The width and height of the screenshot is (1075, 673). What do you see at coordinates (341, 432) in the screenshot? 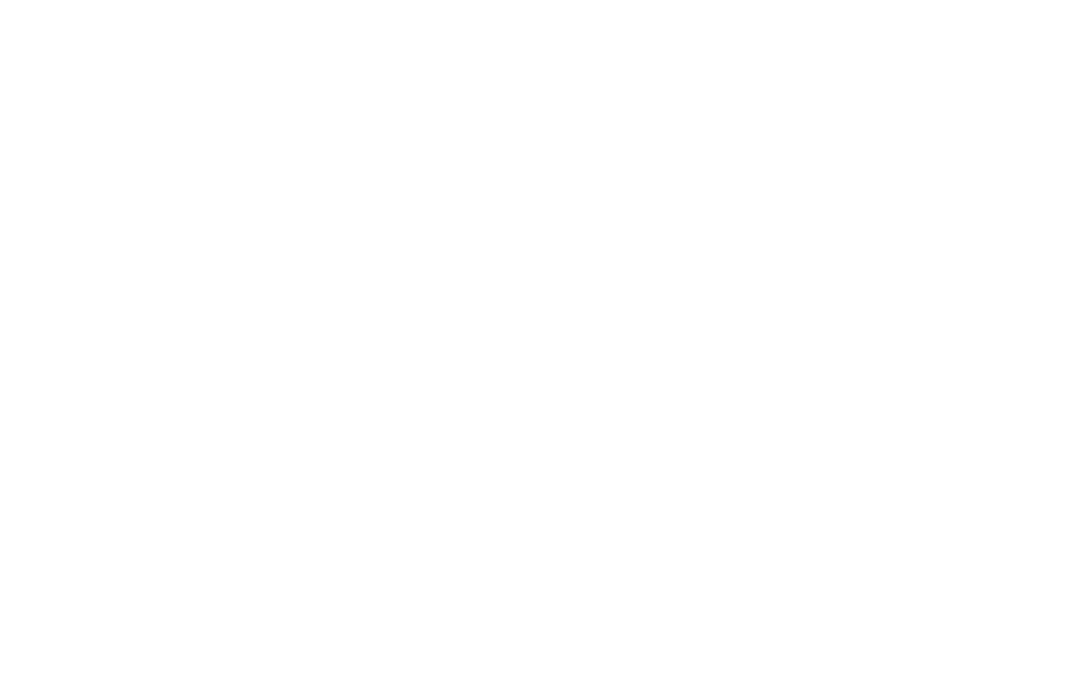
I see `'Book now!'` at bounding box center [341, 432].